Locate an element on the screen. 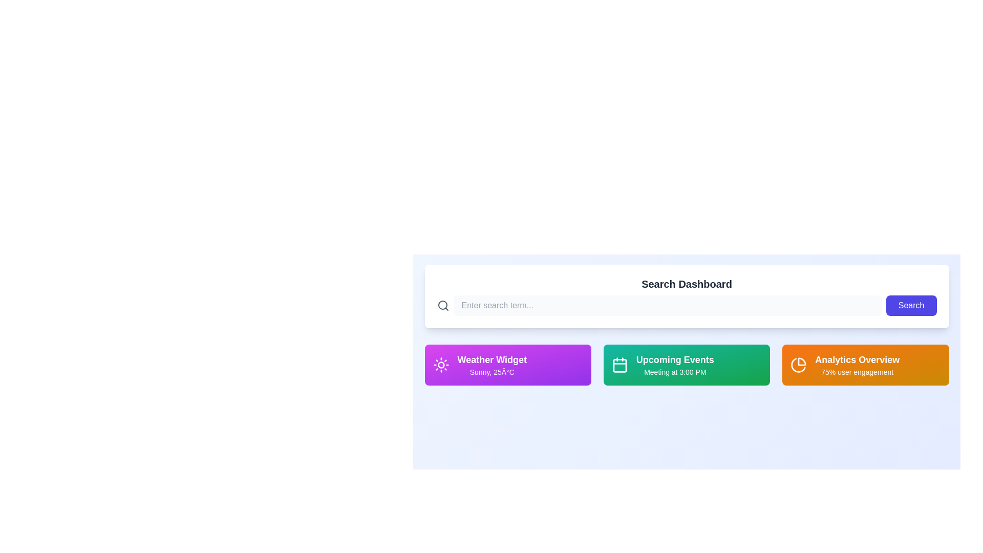 This screenshot has width=983, height=553. the 'Weather Widget' text display, which shows 'Sunny, 25Â°C' in white text on a purple gradient background, located to the left of the 'Upcoming Events' green card is located at coordinates (492, 365).